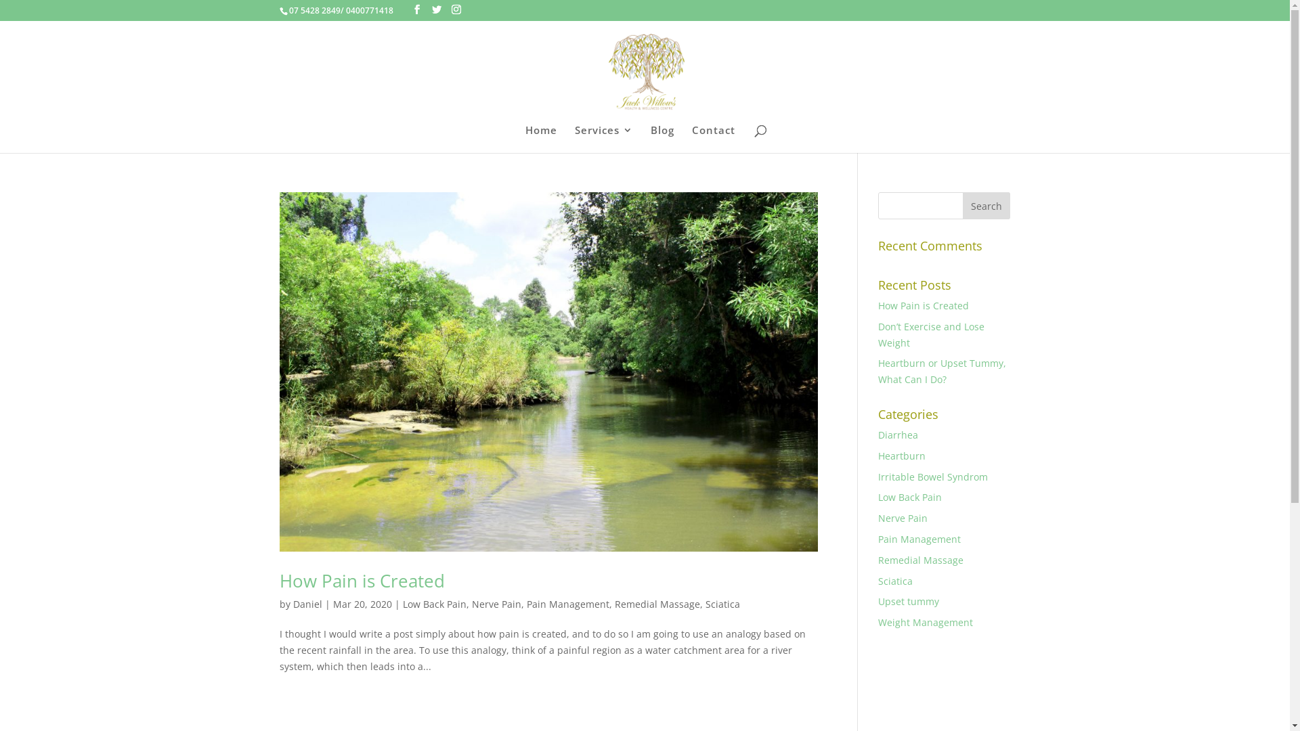 Image resolution: width=1300 pixels, height=731 pixels. What do you see at coordinates (495, 603) in the screenshot?
I see `'Nerve Pain'` at bounding box center [495, 603].